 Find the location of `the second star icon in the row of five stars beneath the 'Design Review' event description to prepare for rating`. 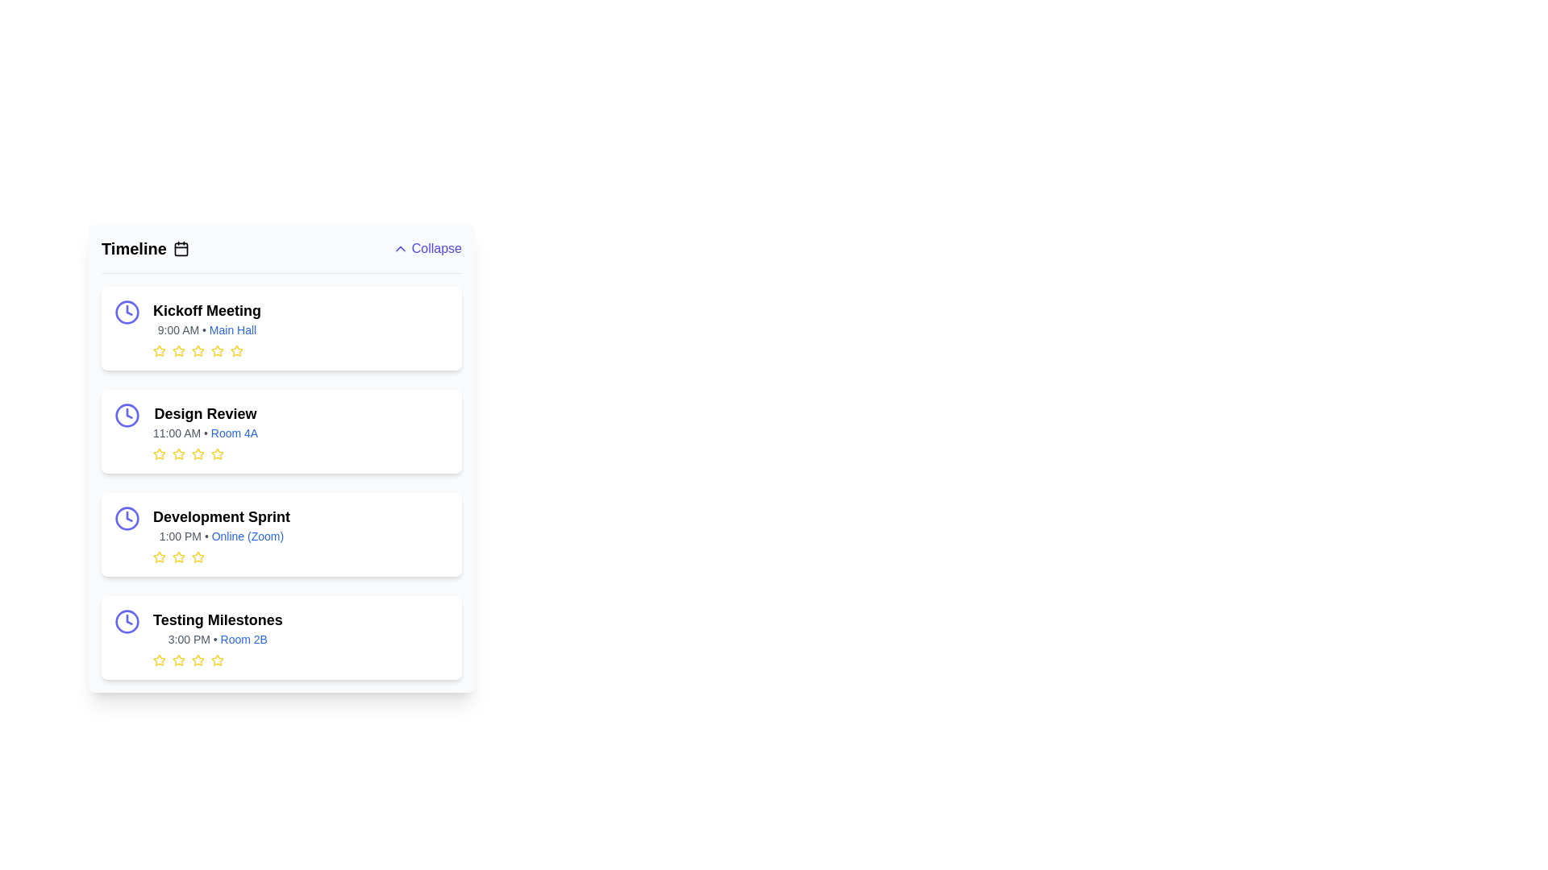

the second star icon in the row of five stars beneath the 'Design Review' event description to prepare for rating is located at coordinates (197, 454).